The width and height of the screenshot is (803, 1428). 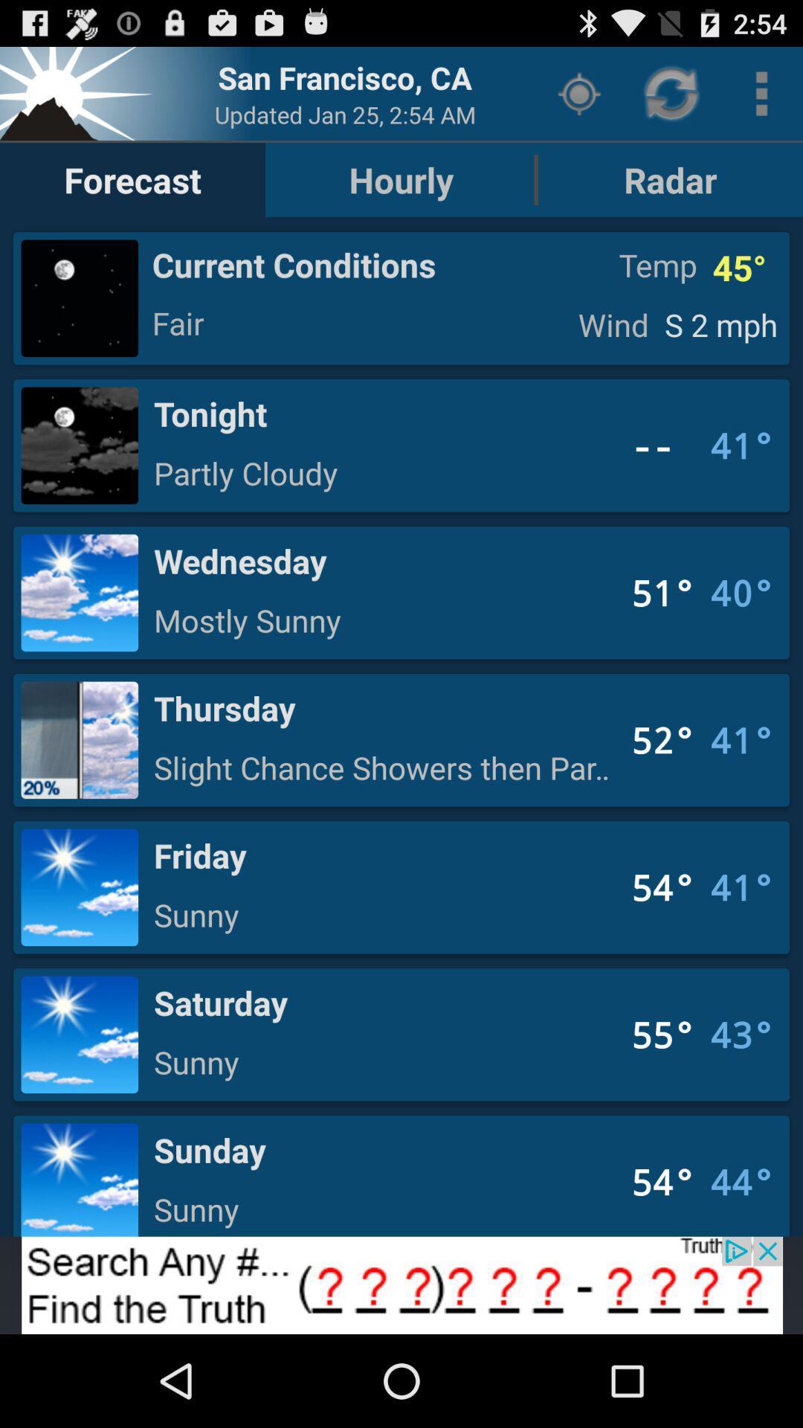 What do you see at coordinates (80, 297) in the screenshot?
I see `the image which is left side of the current conditions` at bounding box center [80, 297].